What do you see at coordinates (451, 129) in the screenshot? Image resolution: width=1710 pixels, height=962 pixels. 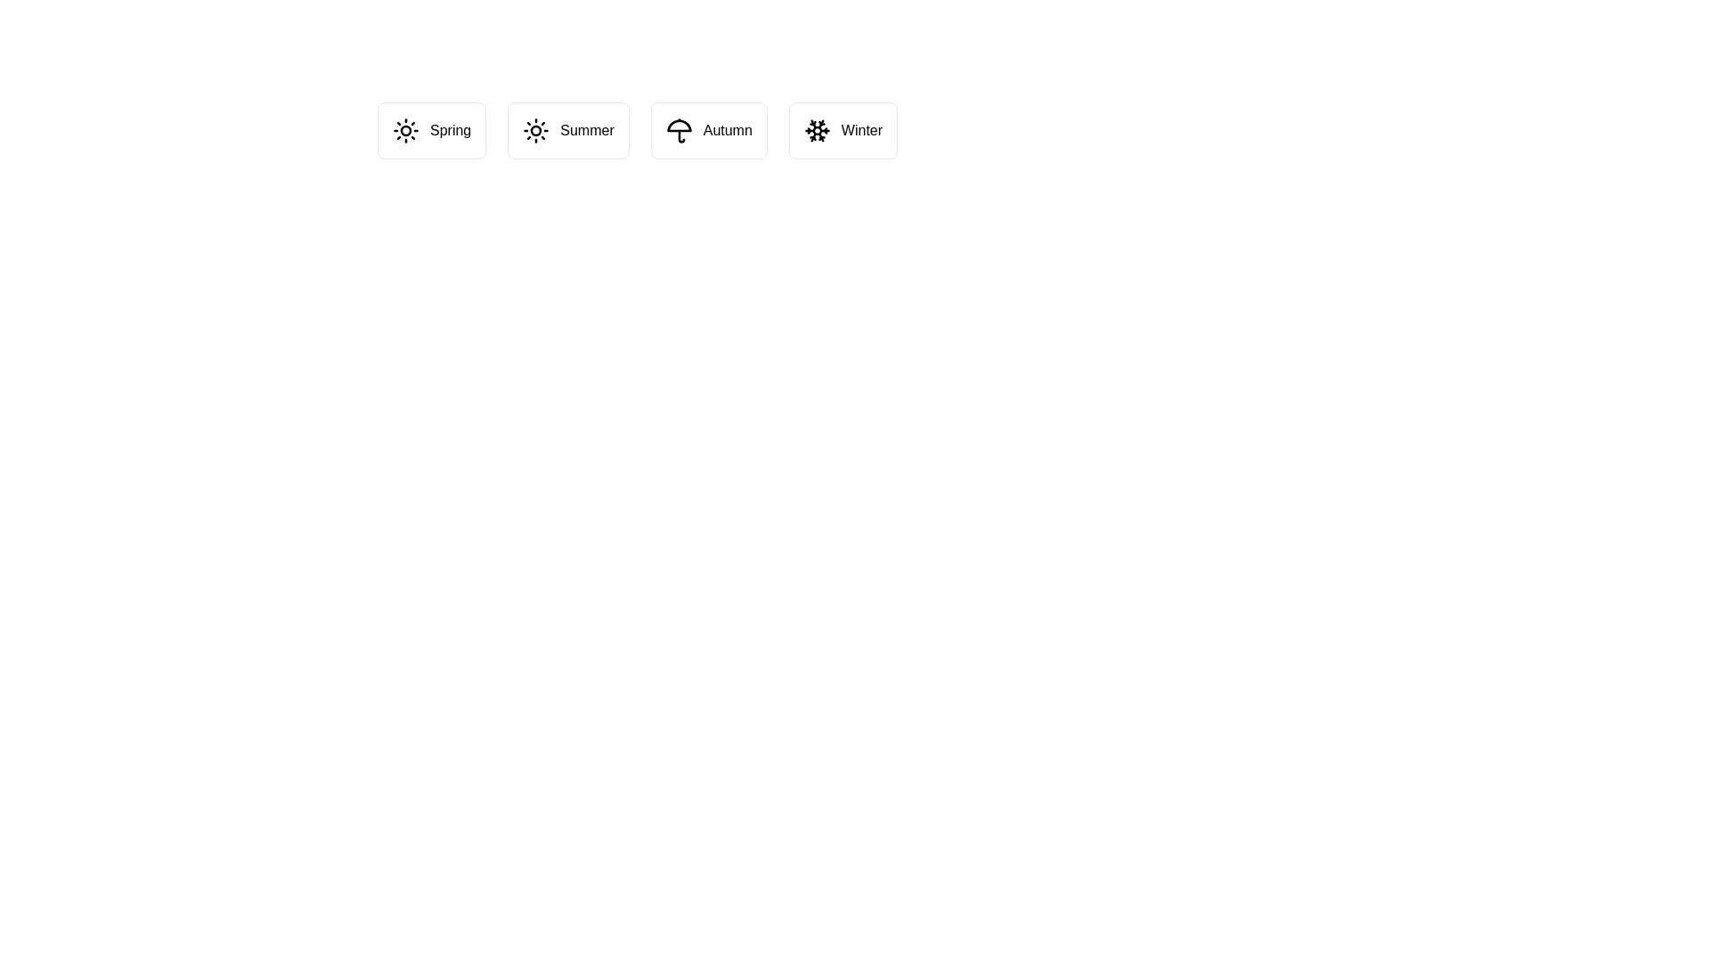 I see `the static text label for the 'Spring' theme, which is the first button in a sequence of four horizontally arranged buttons at the upper center area of the interface` at bounding box center [451, 129].